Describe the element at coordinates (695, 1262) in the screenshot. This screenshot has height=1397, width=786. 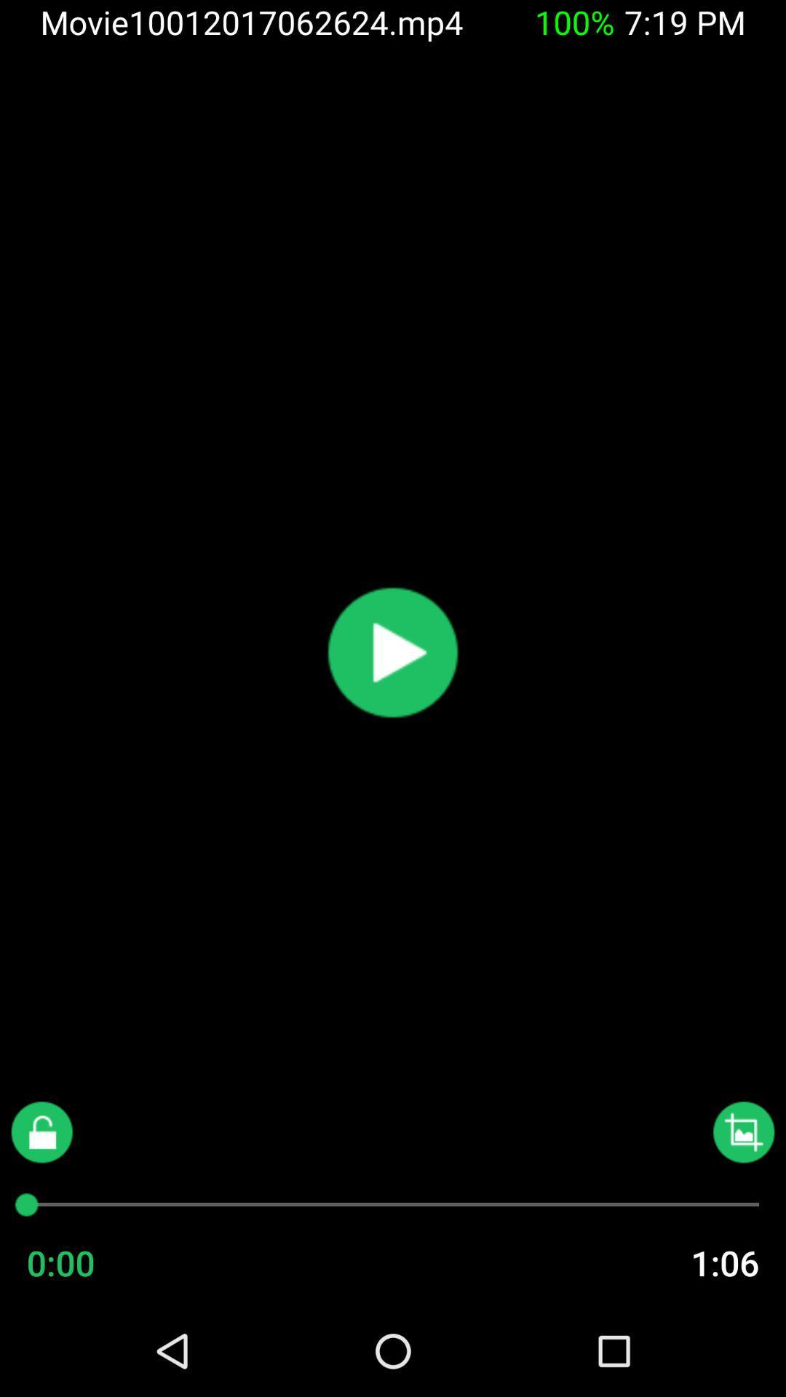
I see `1:06 item` at that location.